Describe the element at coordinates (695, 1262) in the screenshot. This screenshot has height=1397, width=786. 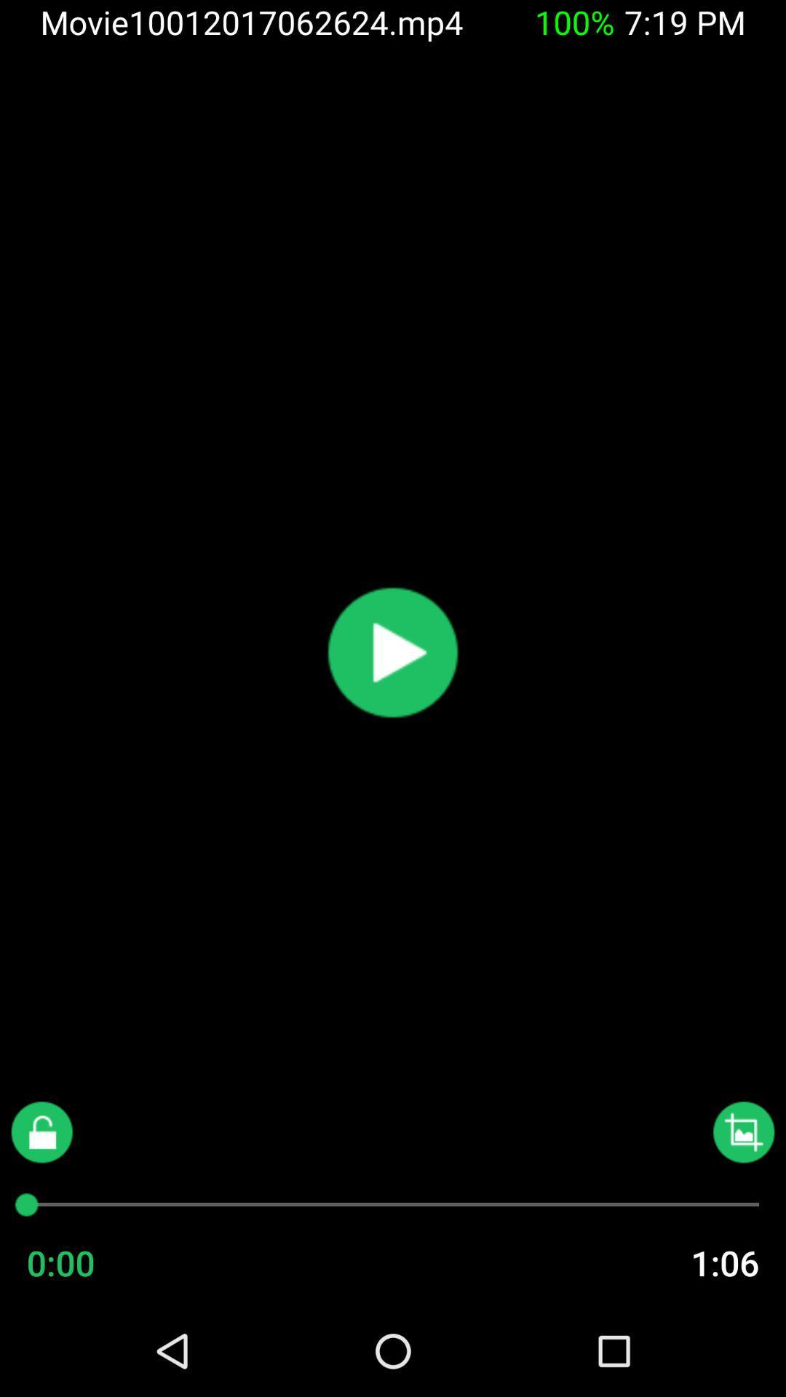
I see `1:06 item` at that location.